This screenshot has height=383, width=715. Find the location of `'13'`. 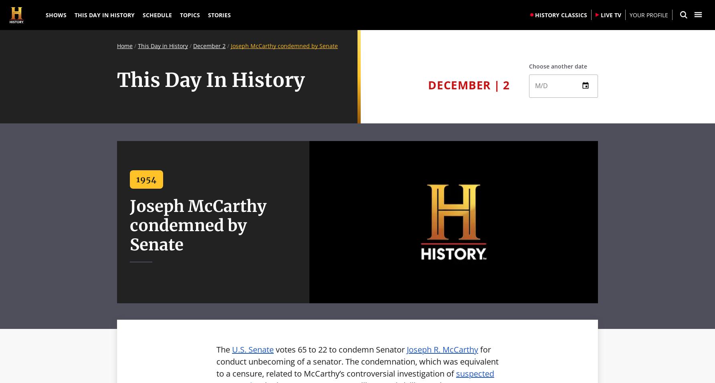

'13' is located at coordinates (571, 135).